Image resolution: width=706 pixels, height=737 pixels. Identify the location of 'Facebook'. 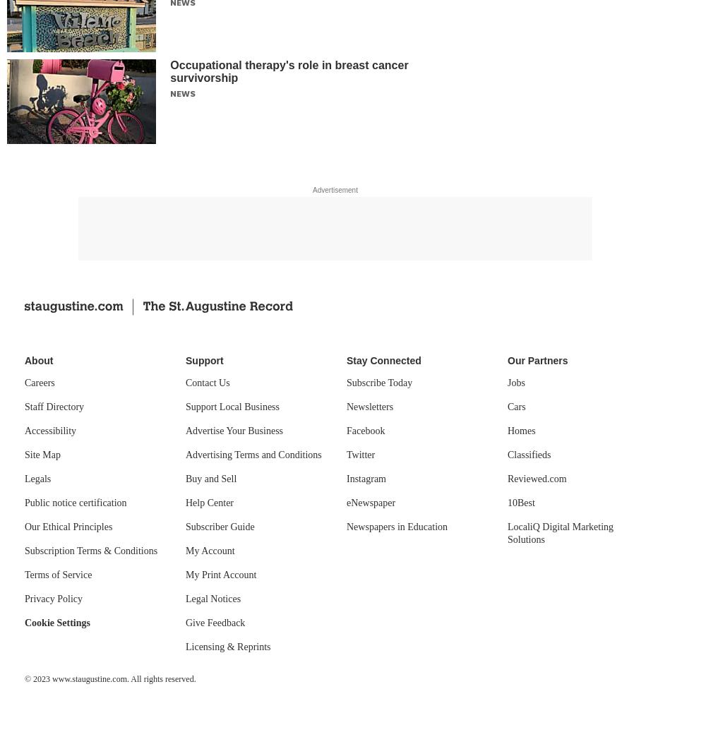
(366, 431).